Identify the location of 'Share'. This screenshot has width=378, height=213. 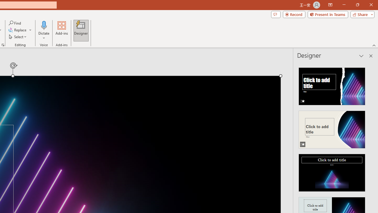
(361, 14).